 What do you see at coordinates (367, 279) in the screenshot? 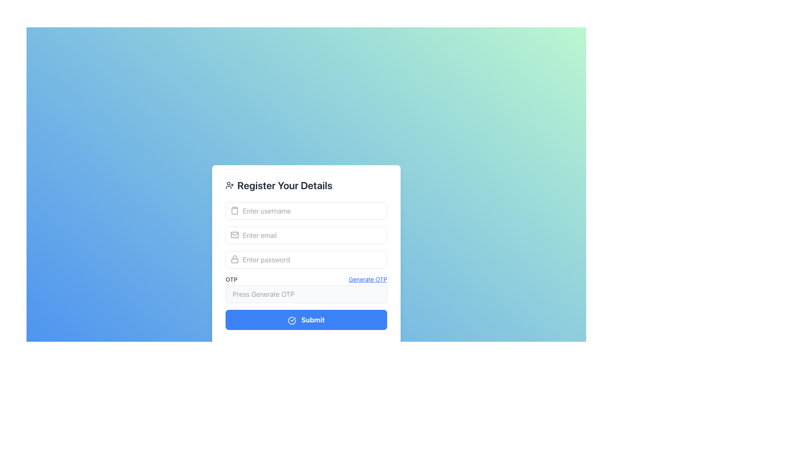
I see `the 'Request OTP' button located to the right of the 'OTP' label in the 'Register Your Details' section to generate an OTP` at bounding box center [367, 279].